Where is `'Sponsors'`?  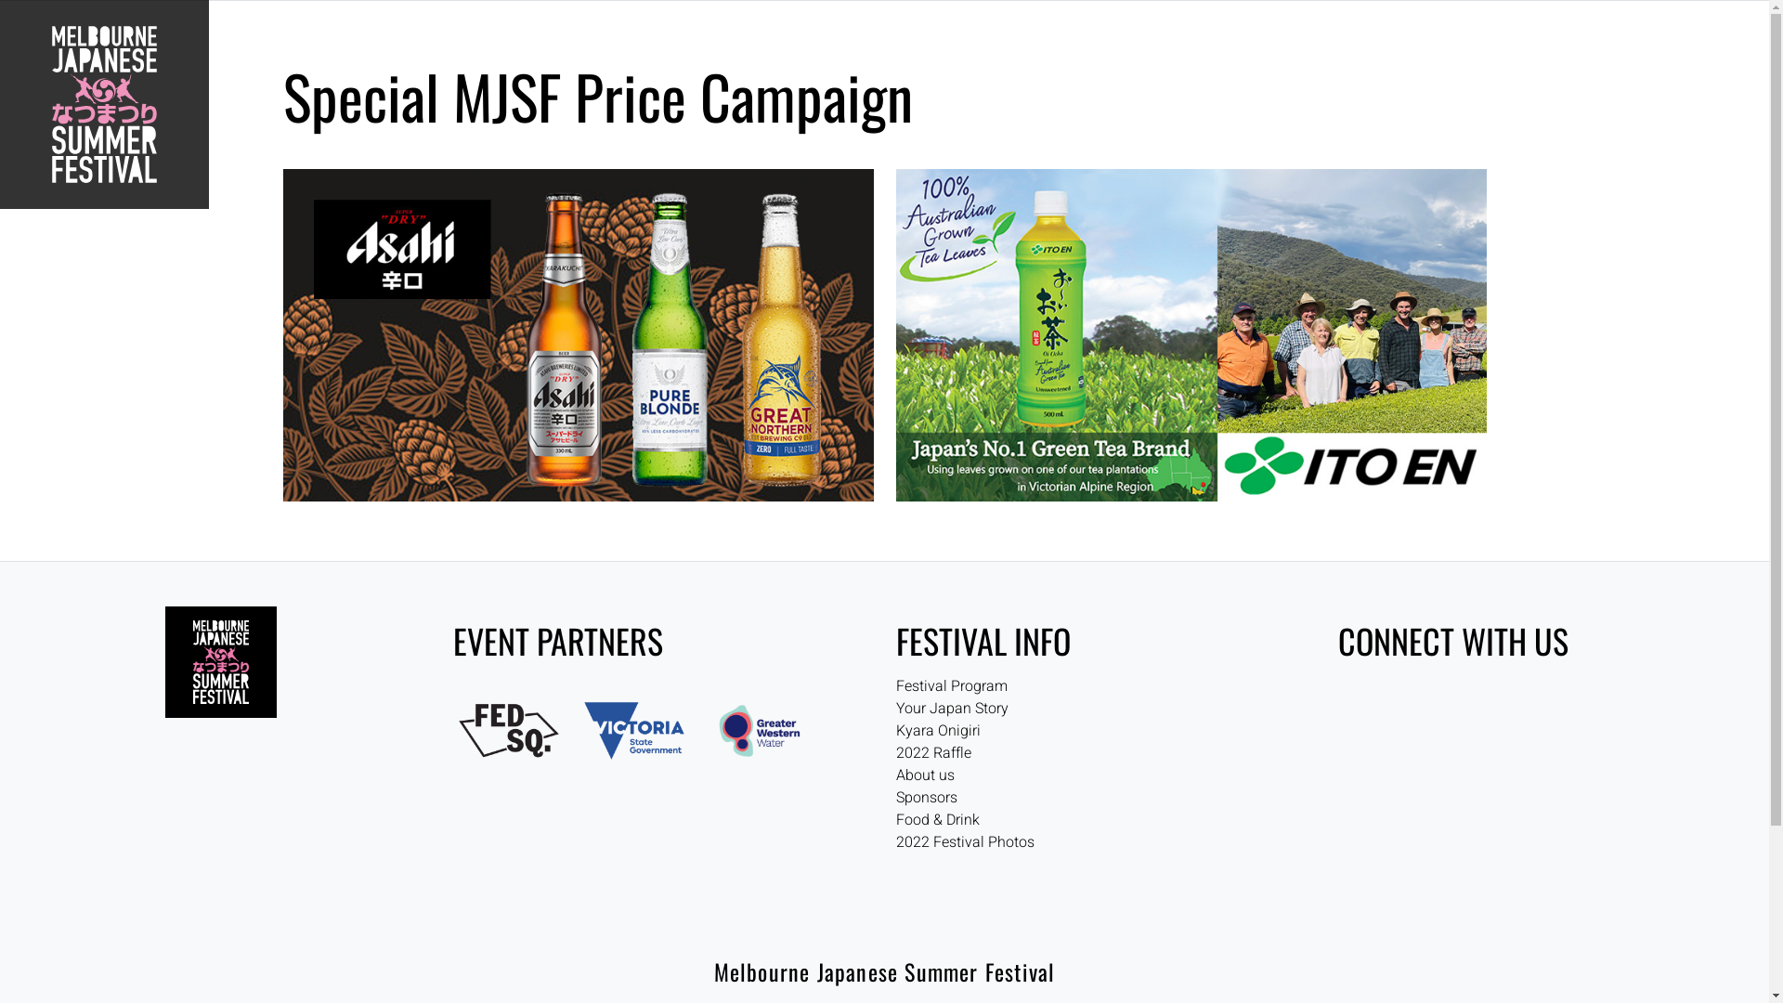 'Sponsors' is located at coordinates (895, 797).